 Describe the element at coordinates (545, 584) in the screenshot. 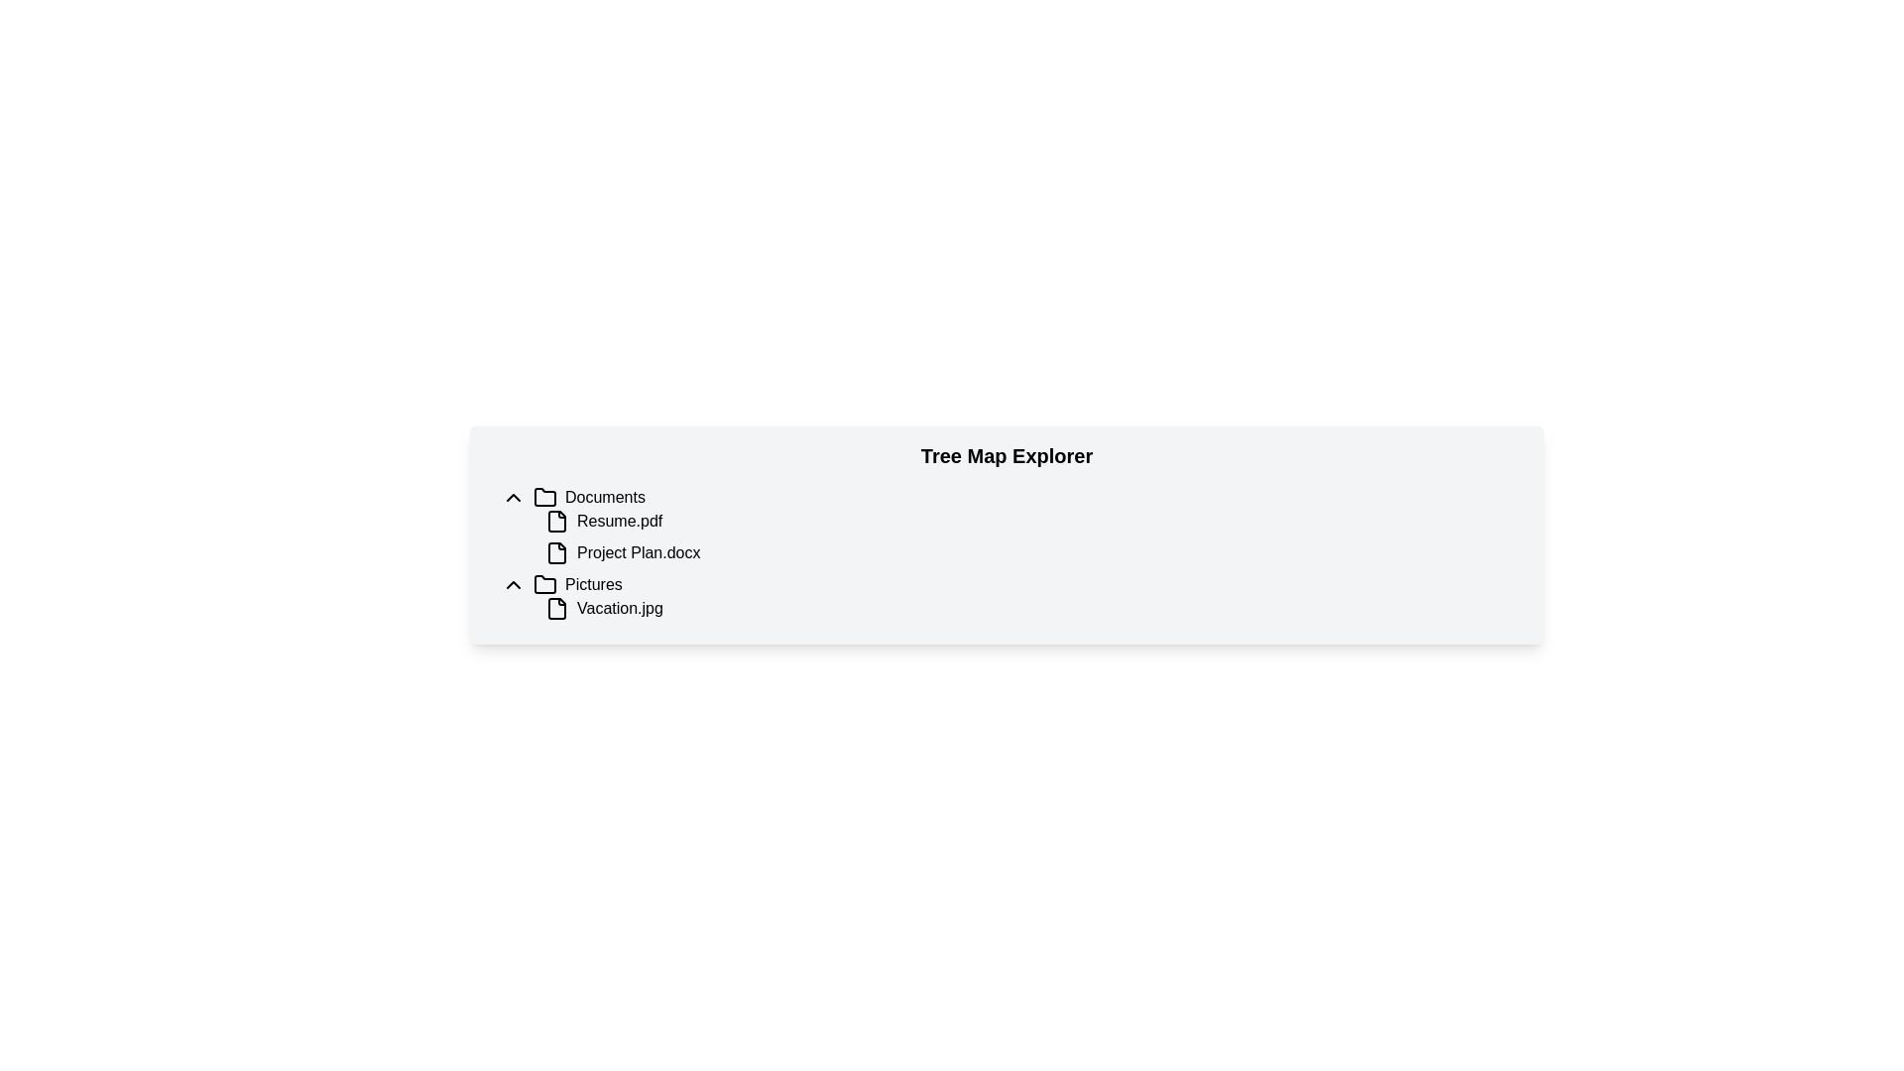

I see `the folder icon located to the left of the 'Pictures' label in the tree view interface` at that location.